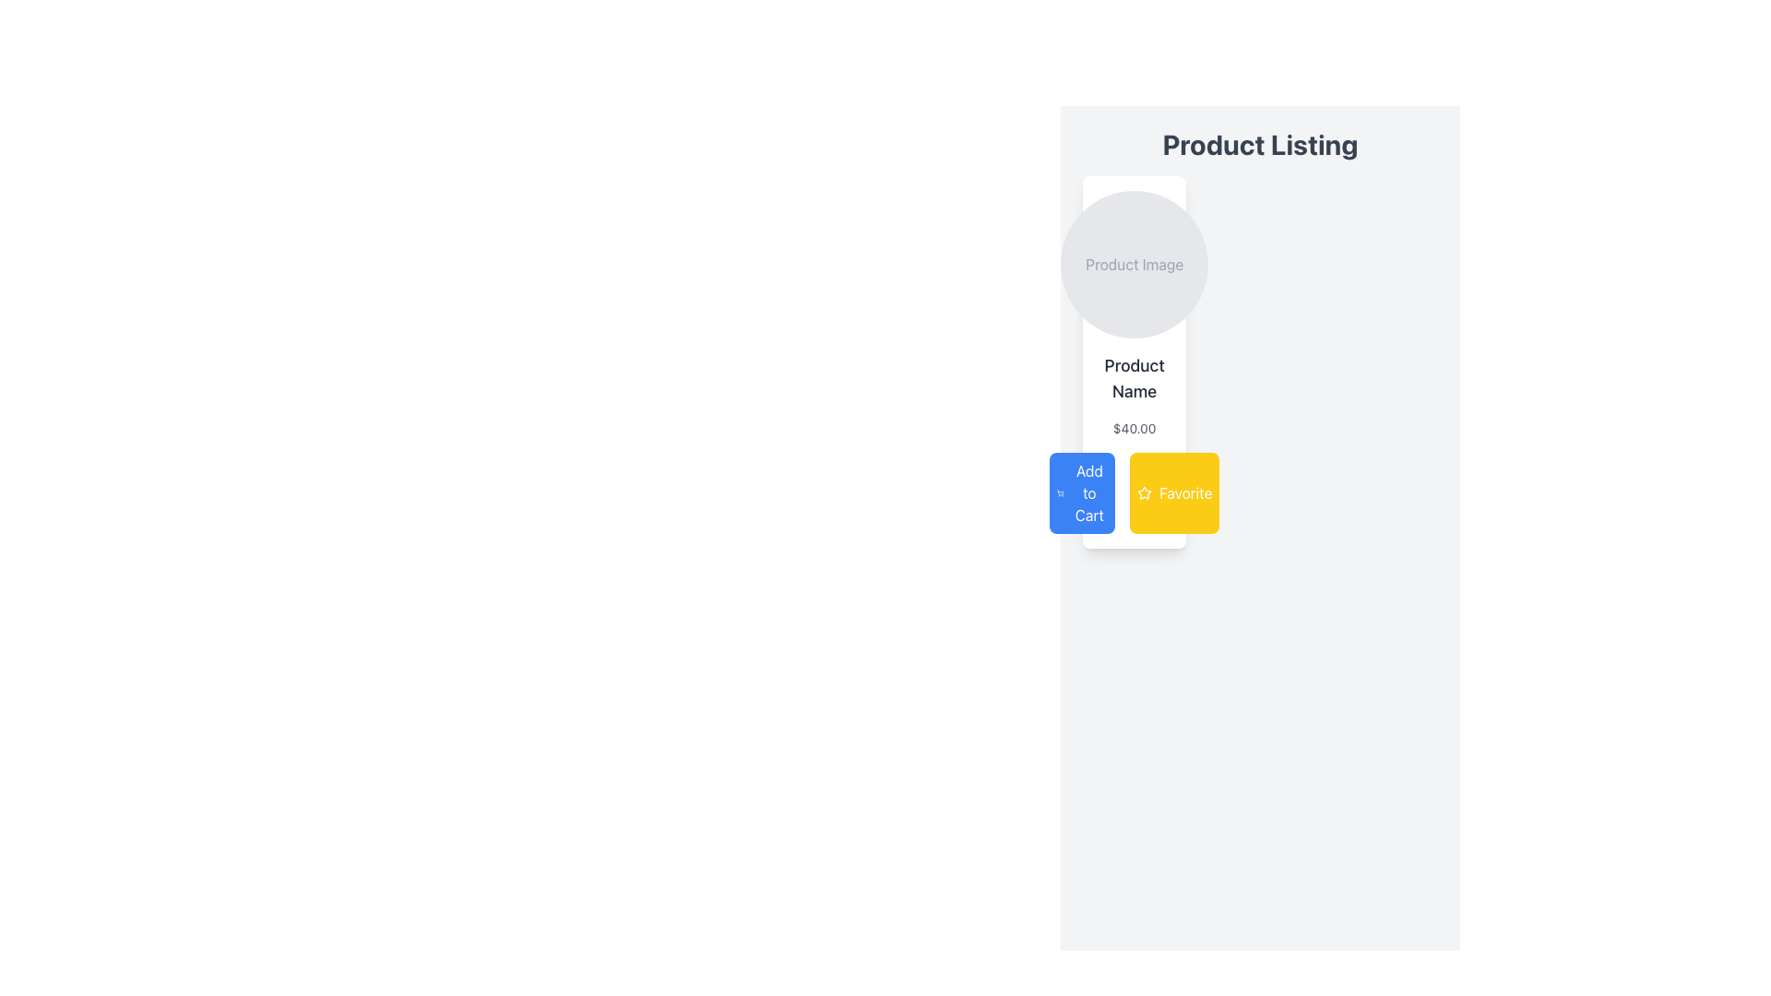 The image size is (1771, 996). What do you see at coordinates (1134, 378) in the screenshot?
I see `text from the 'Product Name' label, which is a large dark gray text displayed below the product image and above the price label` at bounding box center [1134, 378].